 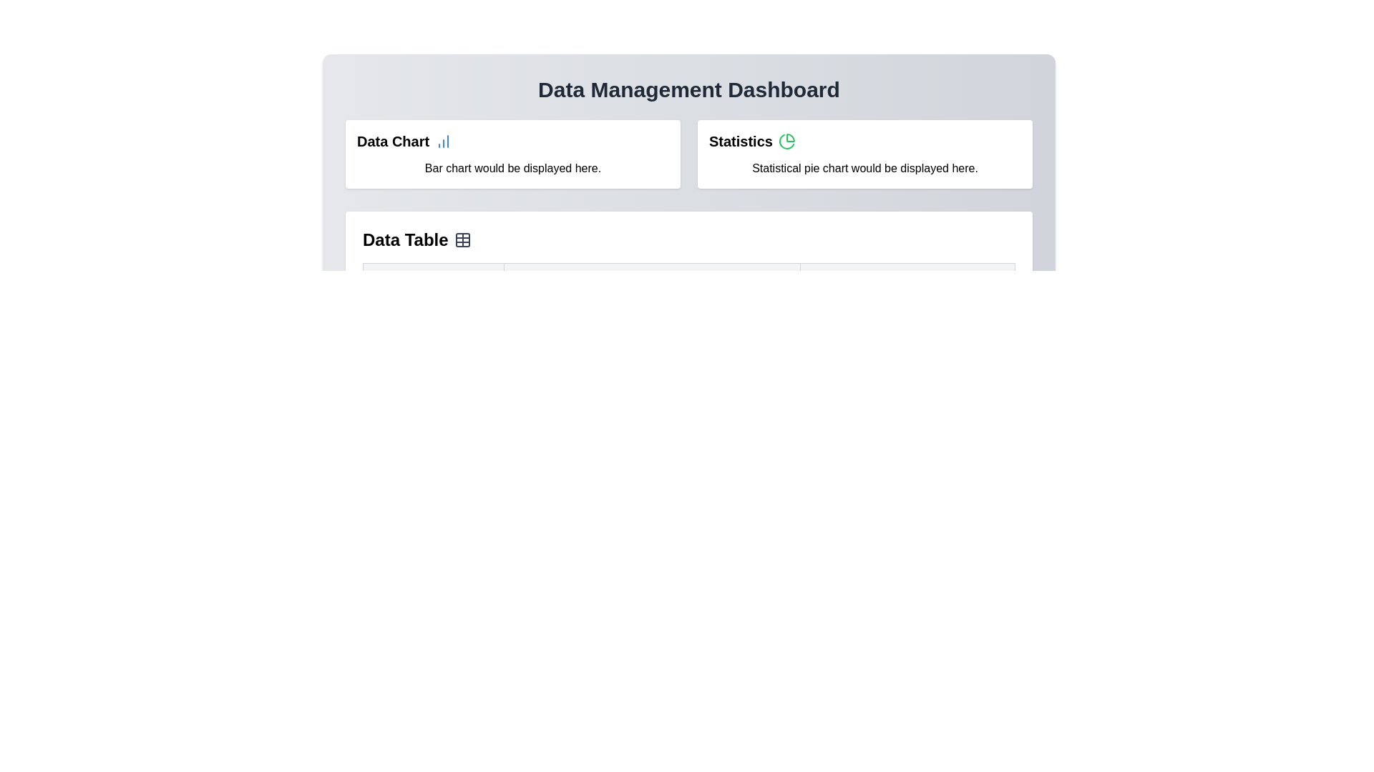 I want to click on the center of the 'Data Chart' section to view details, so click(x=512, y=154).